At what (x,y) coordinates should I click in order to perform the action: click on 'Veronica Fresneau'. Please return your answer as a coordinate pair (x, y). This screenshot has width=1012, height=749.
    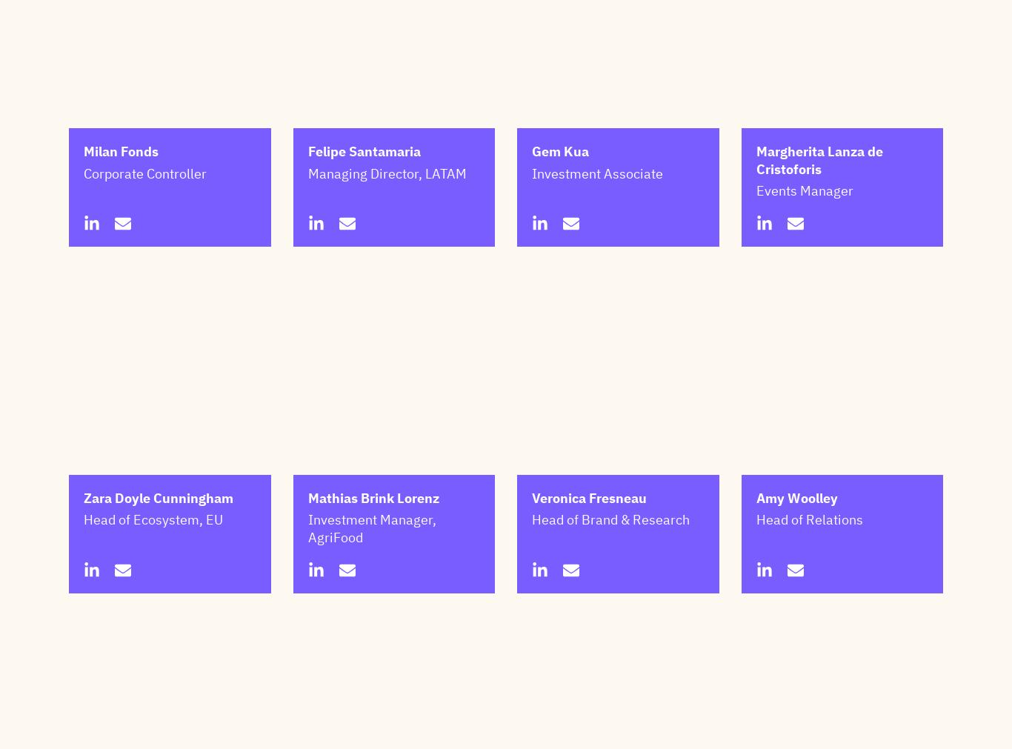
    Looking at the image, I should click on (531, 570).